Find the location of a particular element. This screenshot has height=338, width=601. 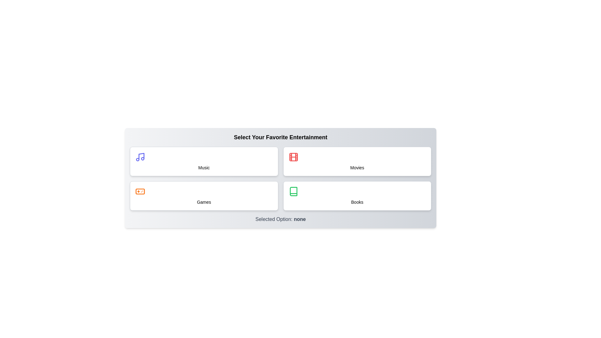

the button labeled Music is located at coordinates (204, 161).